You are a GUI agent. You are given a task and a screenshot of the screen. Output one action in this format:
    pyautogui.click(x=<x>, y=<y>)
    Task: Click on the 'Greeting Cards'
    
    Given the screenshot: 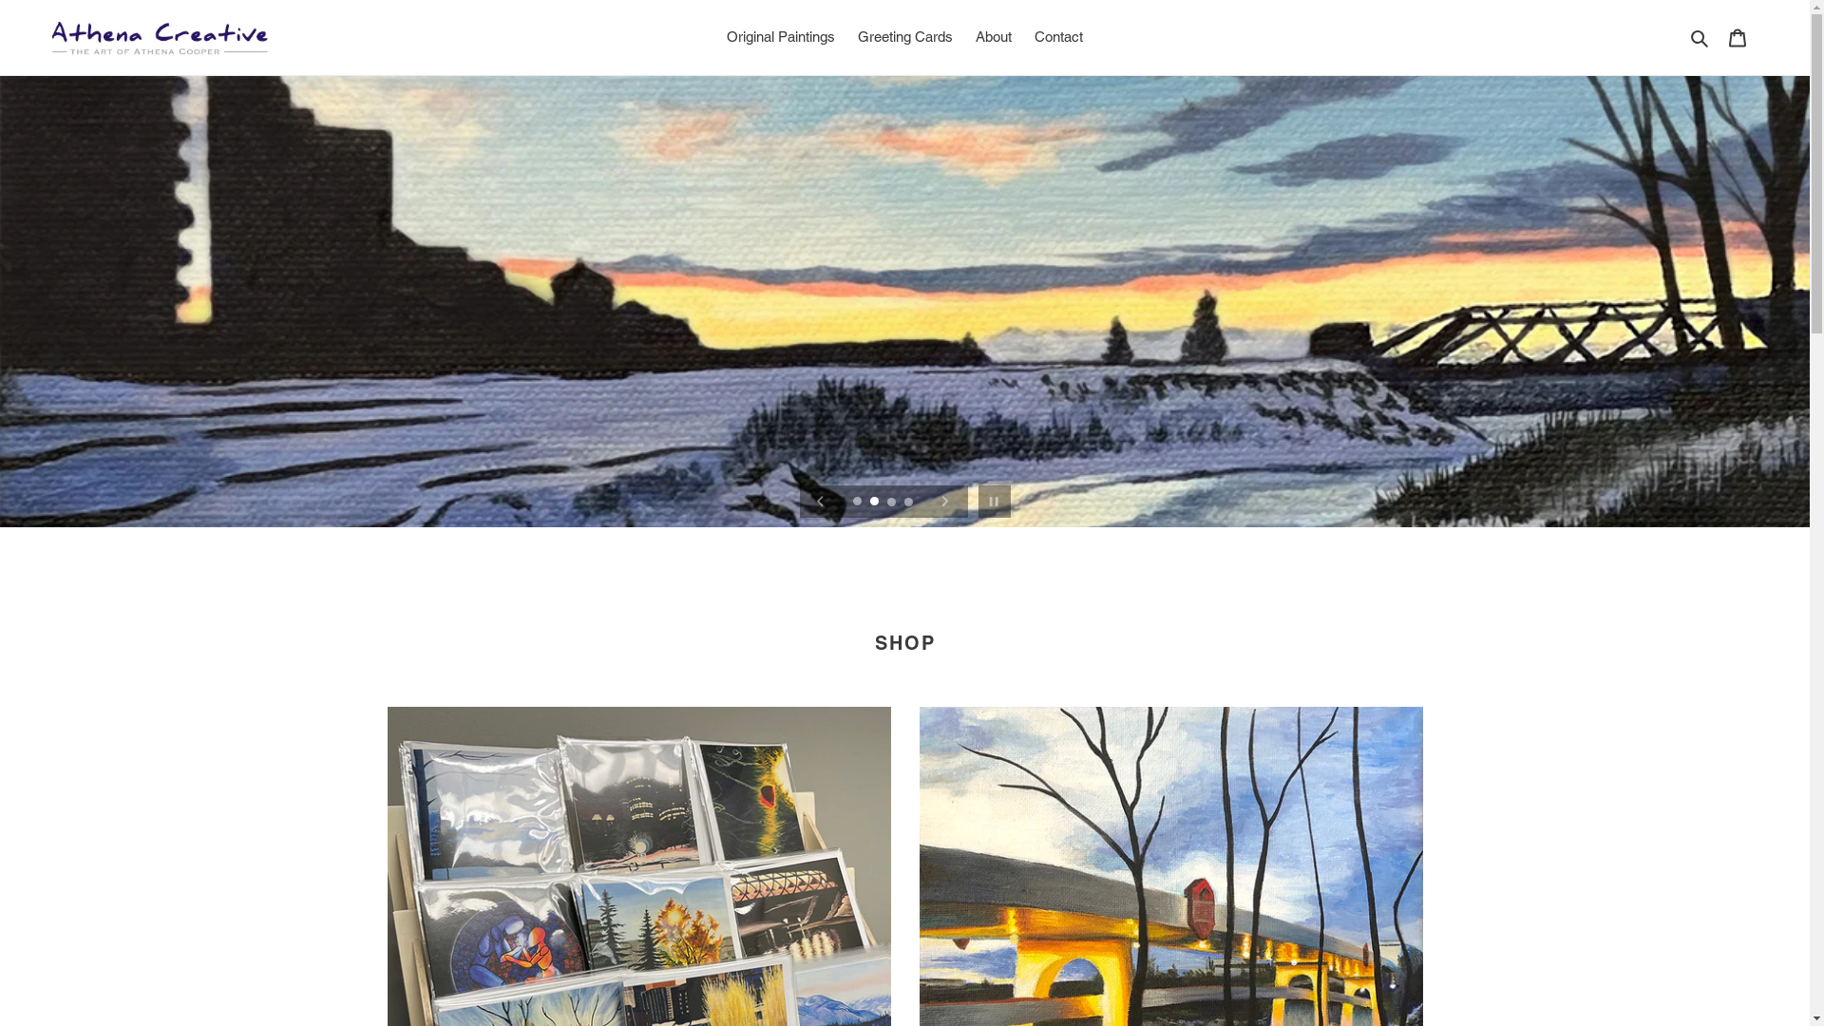 What is the action you would take?
    pyautogui.click(x=846, y=37)
    